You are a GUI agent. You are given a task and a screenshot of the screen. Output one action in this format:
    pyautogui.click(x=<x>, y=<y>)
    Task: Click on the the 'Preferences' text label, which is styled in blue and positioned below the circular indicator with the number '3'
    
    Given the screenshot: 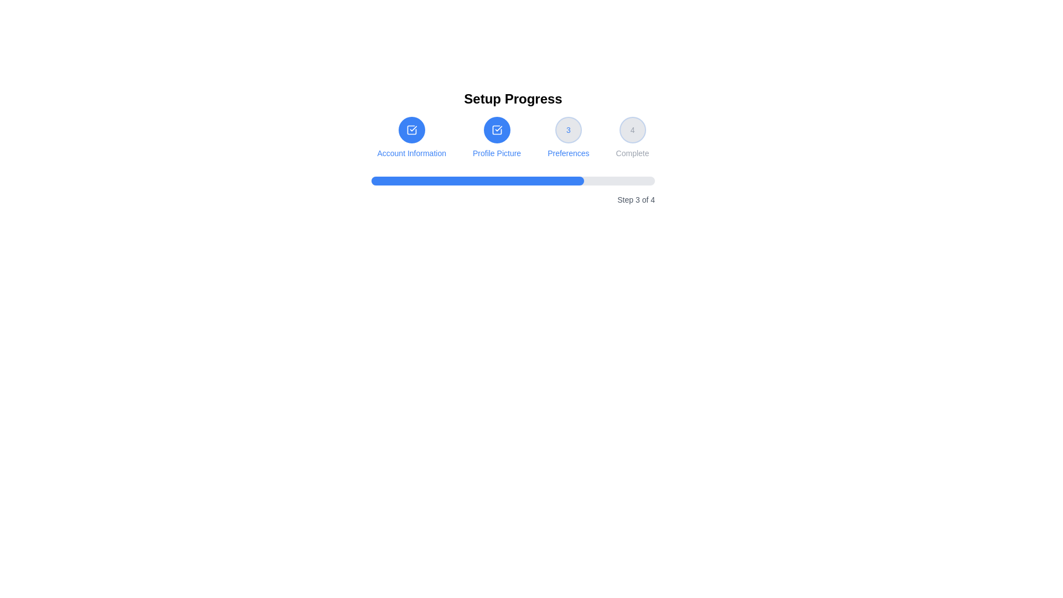 What is the action you would take?
    pyautogui.click(x=568, y=153)
    